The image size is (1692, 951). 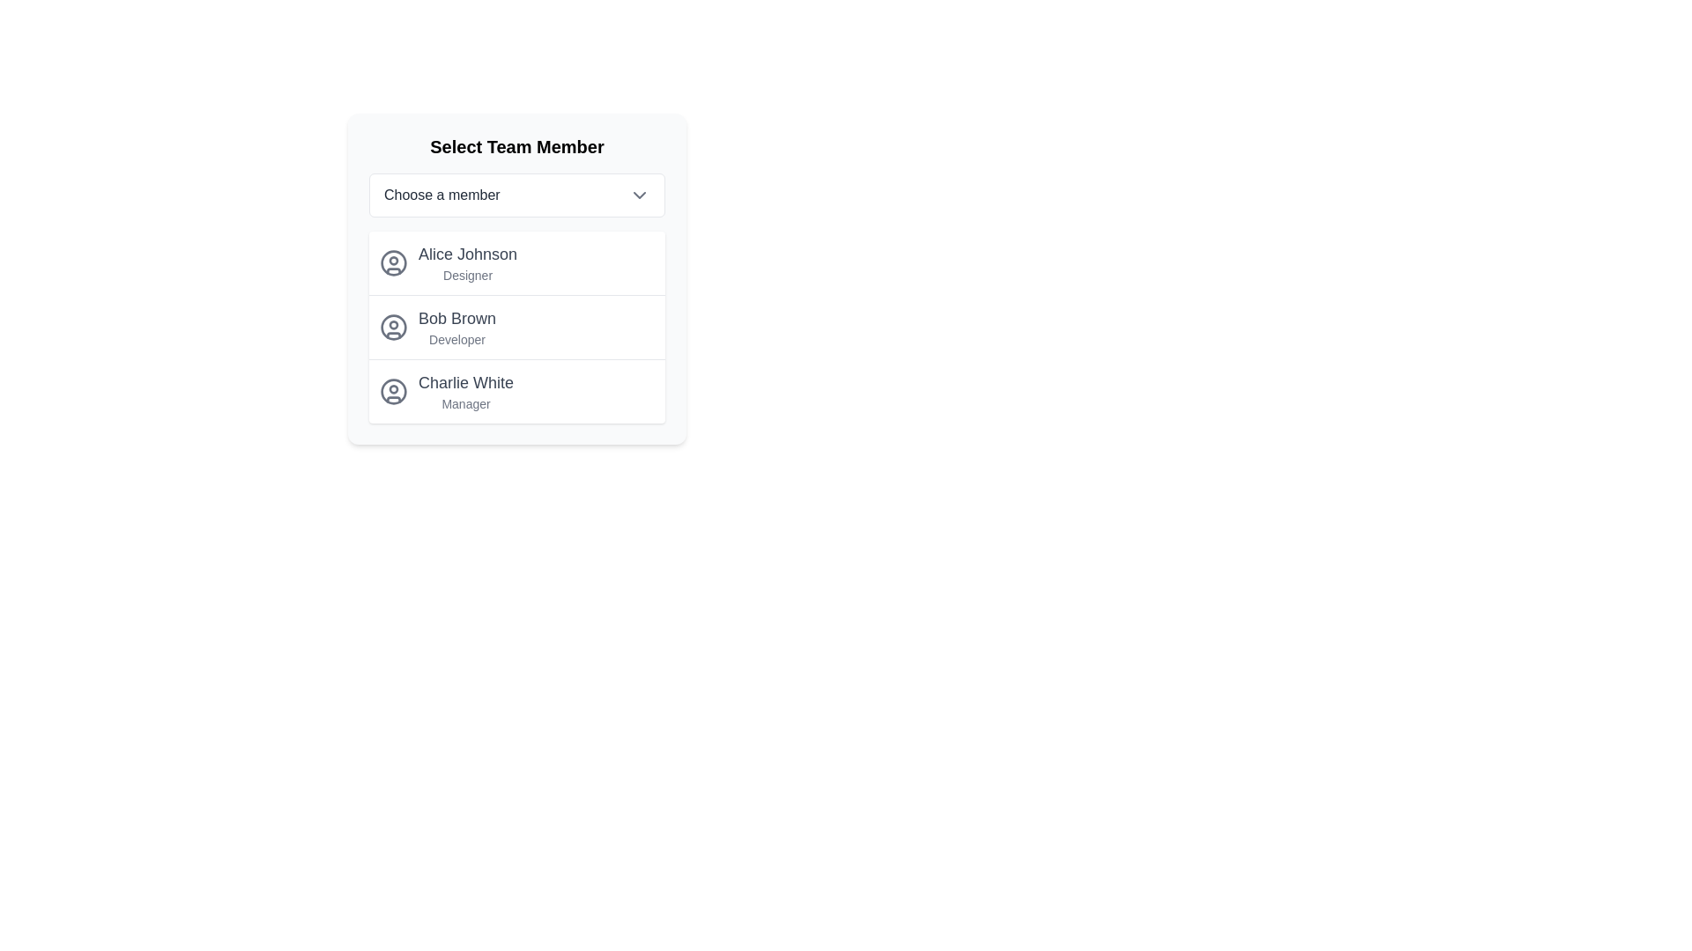 What do you see at coordinates (516, 195) in the screenshot?
I see `the dropdown menu labeled 'Choose a member', which is styled with a white background and rounded corners` at bounding box center [516, 195].